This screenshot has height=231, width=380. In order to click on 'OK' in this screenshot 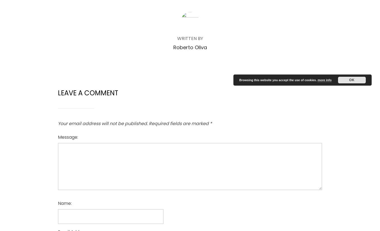, I will do `click(352, 80)`.